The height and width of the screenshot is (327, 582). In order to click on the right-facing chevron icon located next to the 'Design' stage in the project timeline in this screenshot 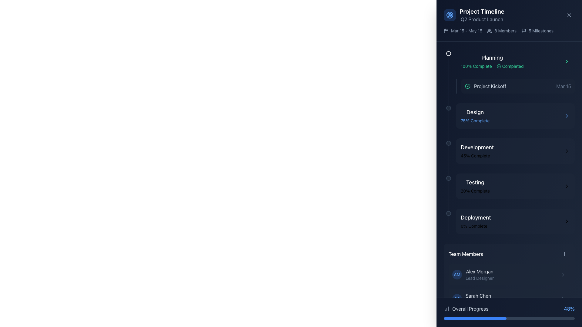, I will do `click(567, 116)`.